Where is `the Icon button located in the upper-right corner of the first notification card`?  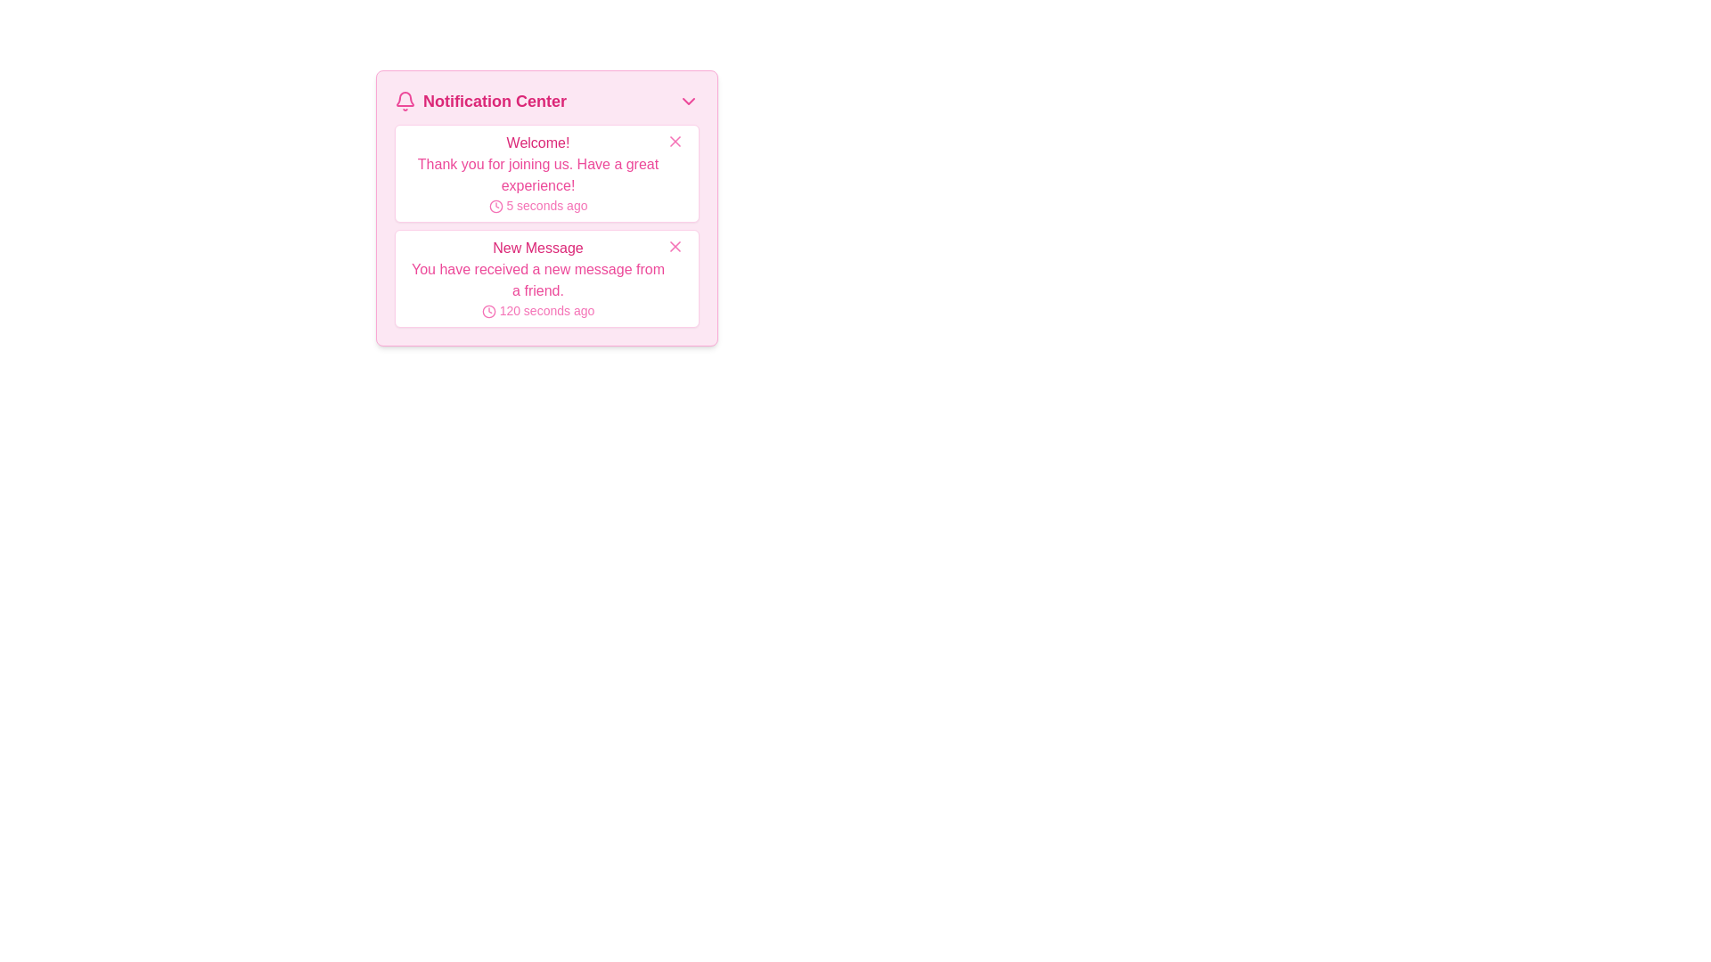
the Icon button located in the upper-right corner of the first notification card is located at coordinates (675, 140).